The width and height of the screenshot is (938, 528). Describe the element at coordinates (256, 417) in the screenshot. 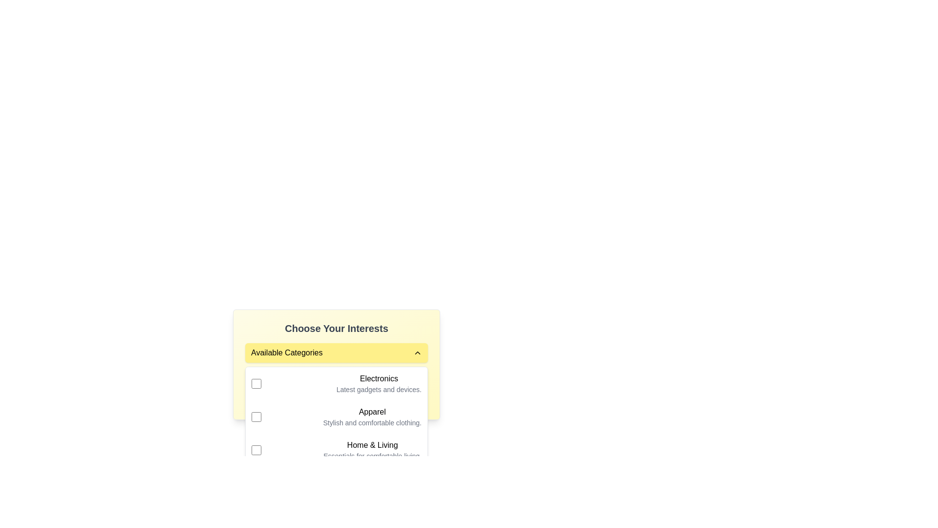

I see `the checkbox located` at that location.